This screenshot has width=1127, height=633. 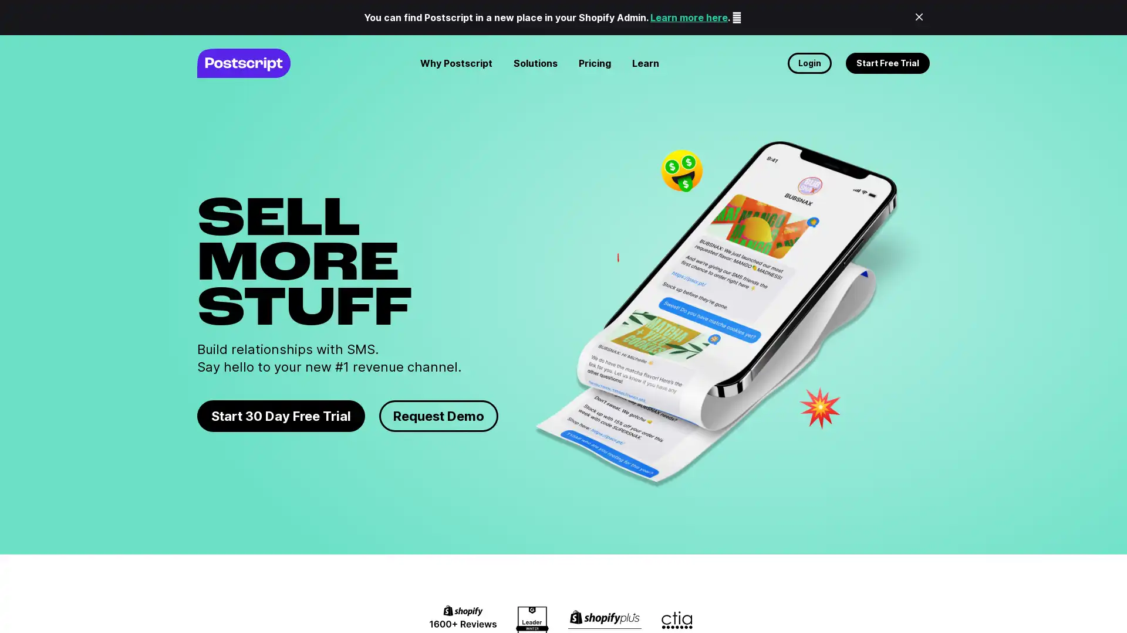 I want to click on Start 30 Day Free Trial, so click(x=281, y=415).